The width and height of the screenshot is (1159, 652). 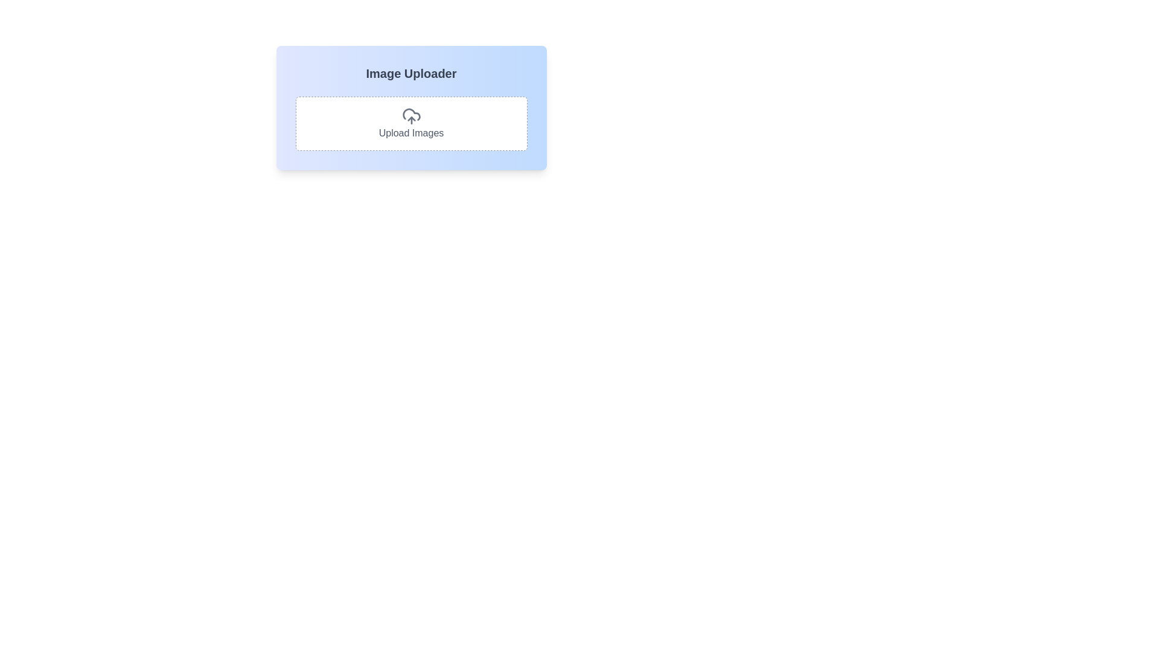 What do you see at coordinates (411, 107) in the screenshot?
I see `the File Uploader Component` at bounding box center [411, 107].